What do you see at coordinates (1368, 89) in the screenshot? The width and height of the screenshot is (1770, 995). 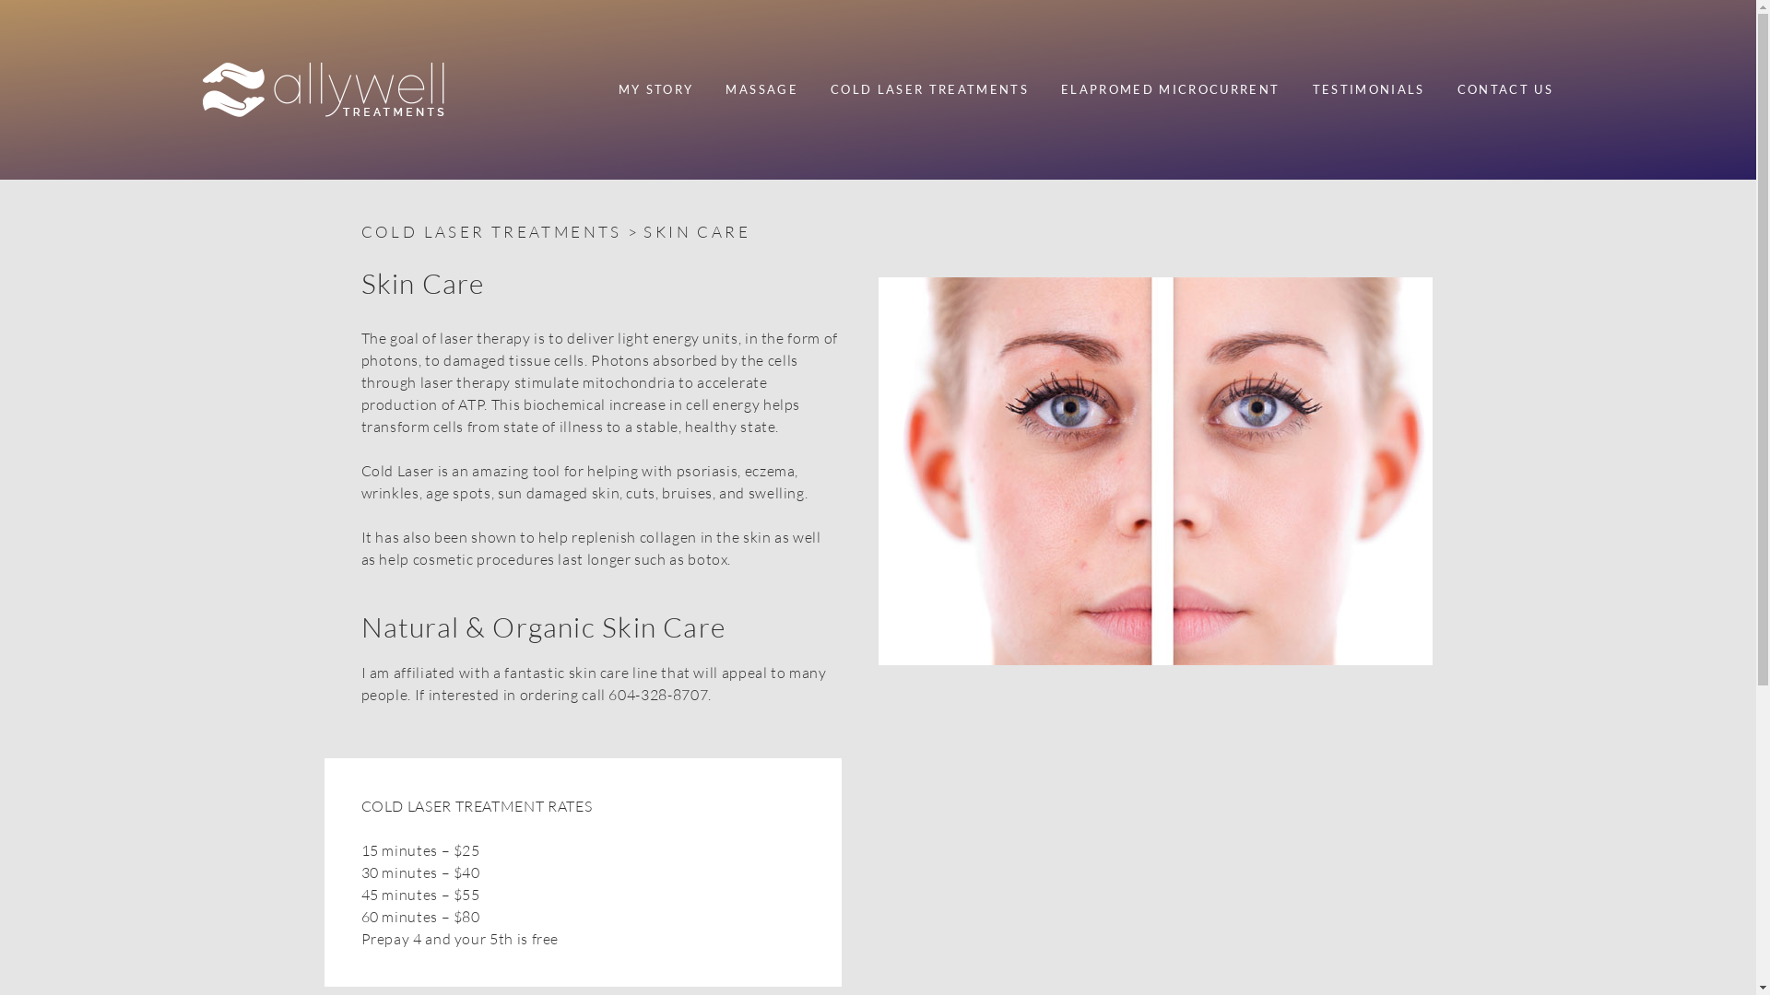 I see `'TESTIMONIALS'` at bounding box center [1368, 89].